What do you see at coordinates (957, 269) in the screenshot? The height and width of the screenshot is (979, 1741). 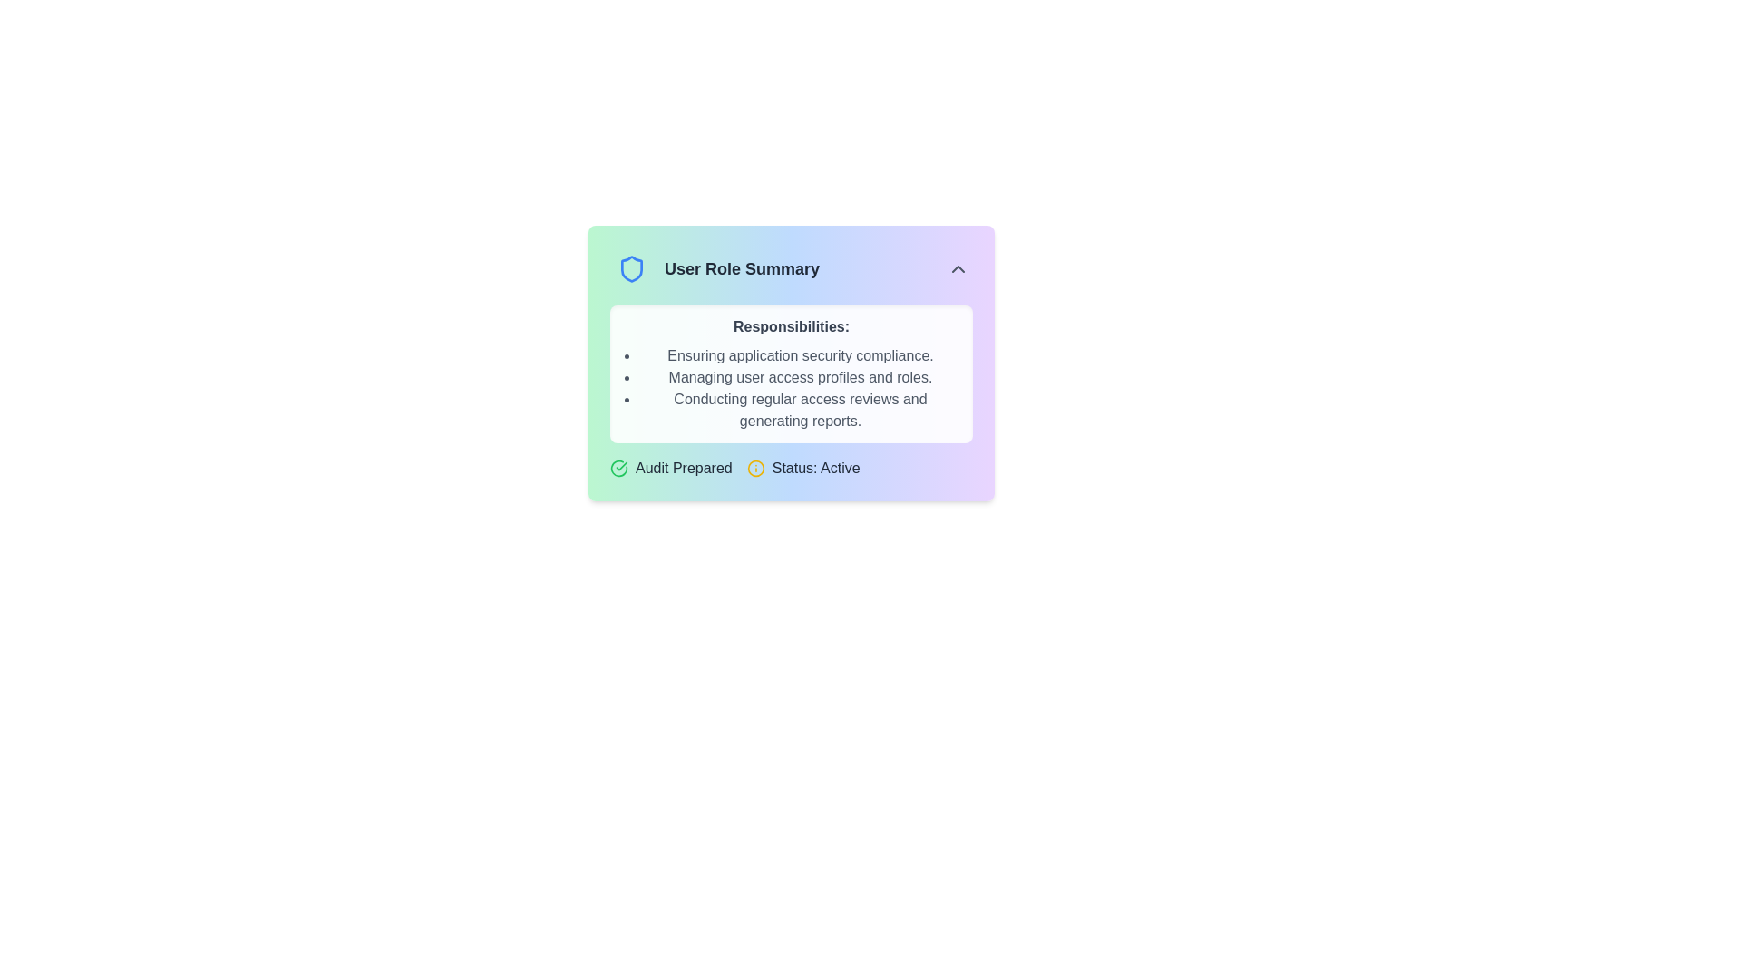 I see `the chevron icon located in the top-right section of the 'User Role Summary' card to interact with the dropdown or expandable section` at bounding box center [957, 269].